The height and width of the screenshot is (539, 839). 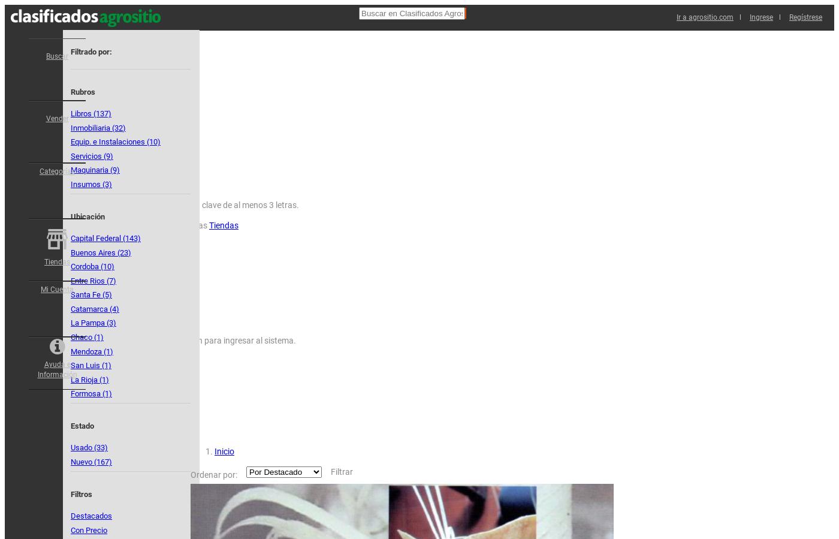 I want to click on 'Nuevo (167)', so click(x=91, y=461).